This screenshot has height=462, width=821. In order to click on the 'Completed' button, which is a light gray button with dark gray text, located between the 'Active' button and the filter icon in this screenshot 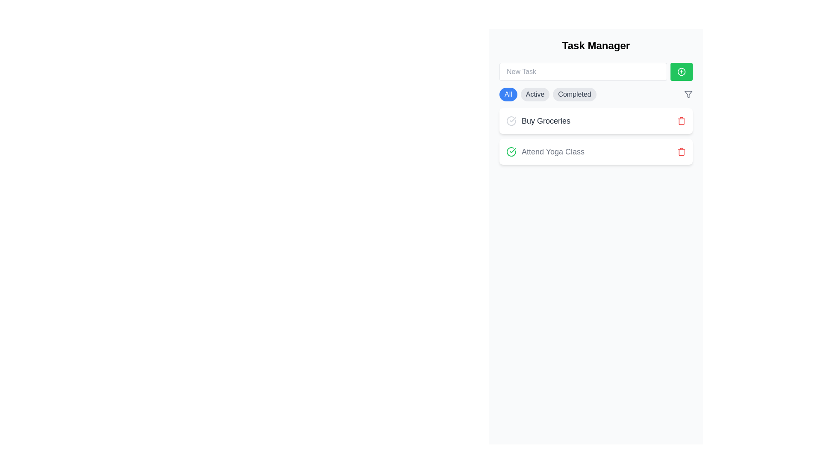, I will do `click(575, 94)`.